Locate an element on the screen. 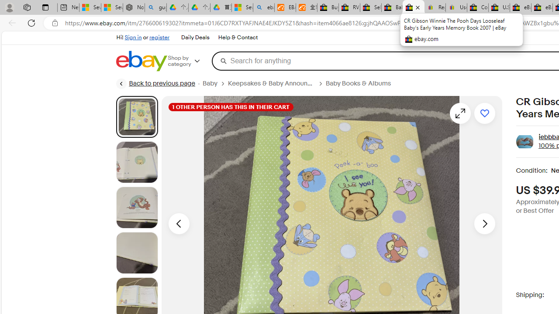 The height and width of the screenshot is (314, 559). 'Daily Deals' is located at coordinates (194, 37).